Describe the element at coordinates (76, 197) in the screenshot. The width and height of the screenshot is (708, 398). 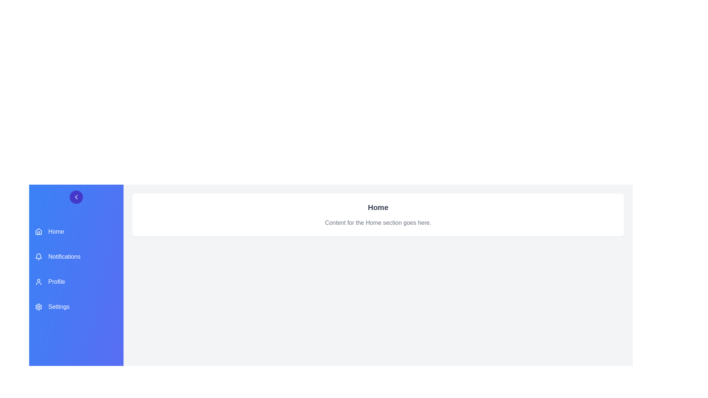
I see `the chevron icon embedded in the circular button at the top corner of the sidebar` at that location.